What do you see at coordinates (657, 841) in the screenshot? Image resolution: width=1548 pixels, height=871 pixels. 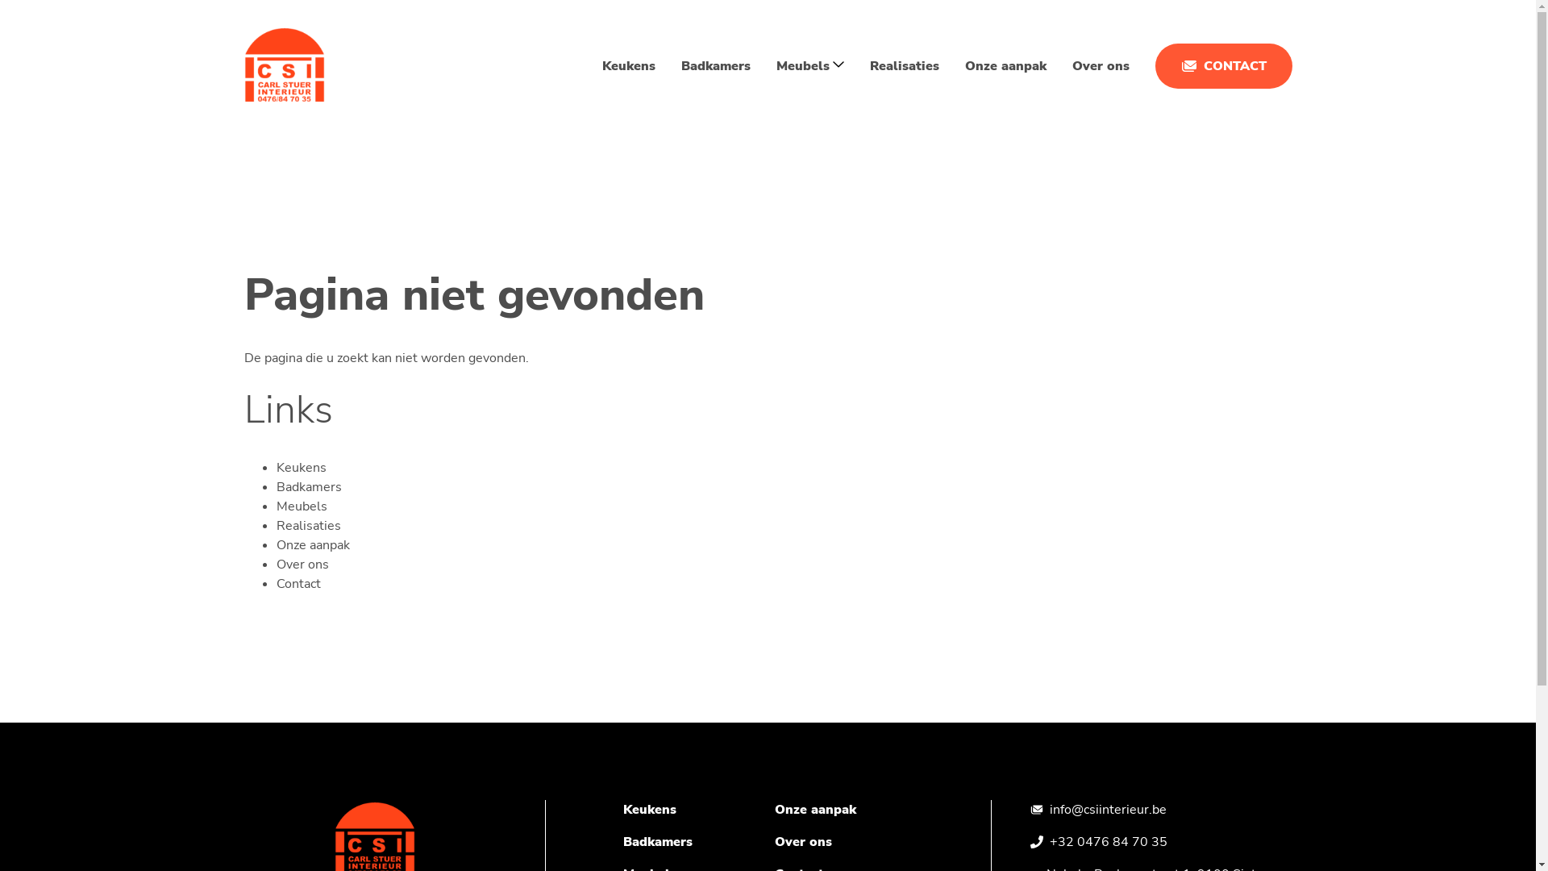 I see `'Badkamers'` at bounding box center [657, 841].